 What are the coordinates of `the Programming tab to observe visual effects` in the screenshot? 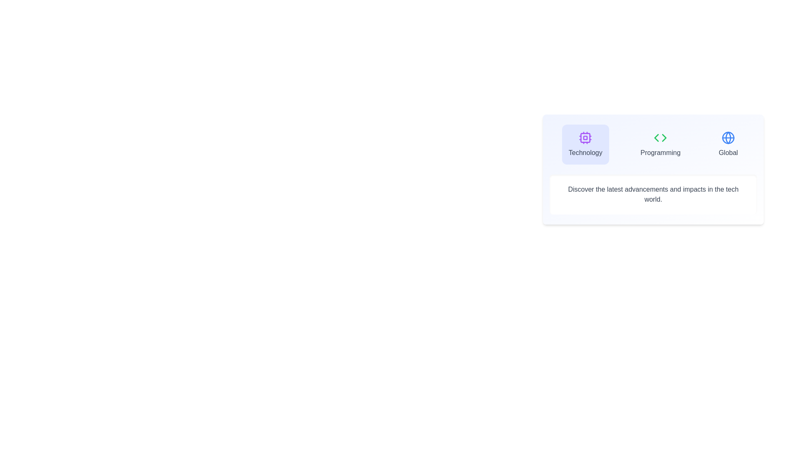 It's located at (660, 144).